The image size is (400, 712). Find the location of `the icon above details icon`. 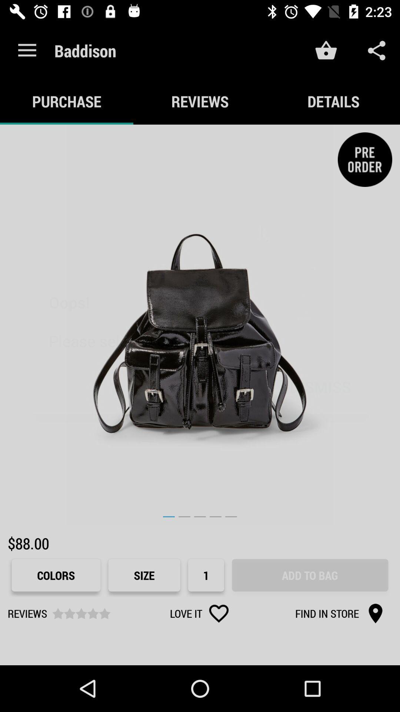

the icon above details icon is located at coordinates (377, 50).